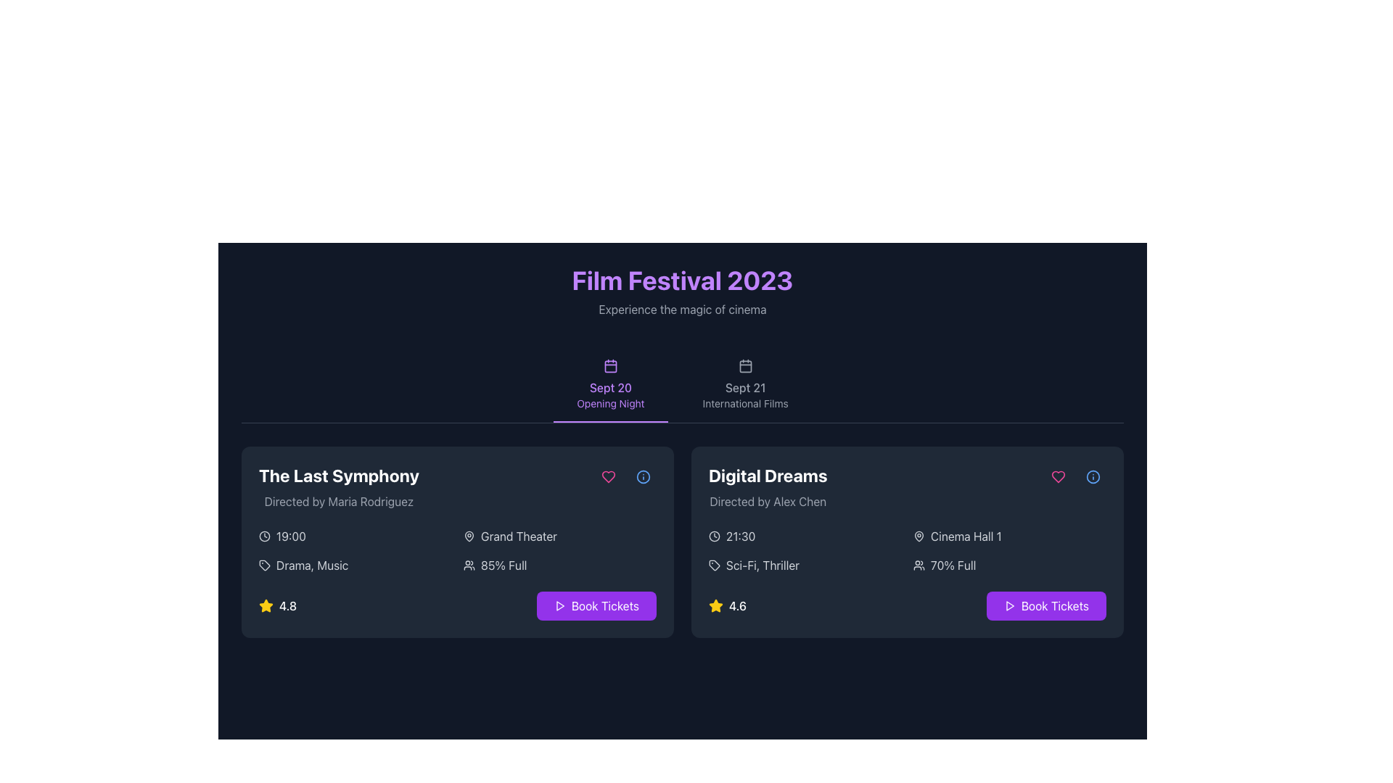 This screenshot has width=1393, height=783. I want to click on the 'Book Tickets' button that contains the play-related icon, so click(1008, 606).